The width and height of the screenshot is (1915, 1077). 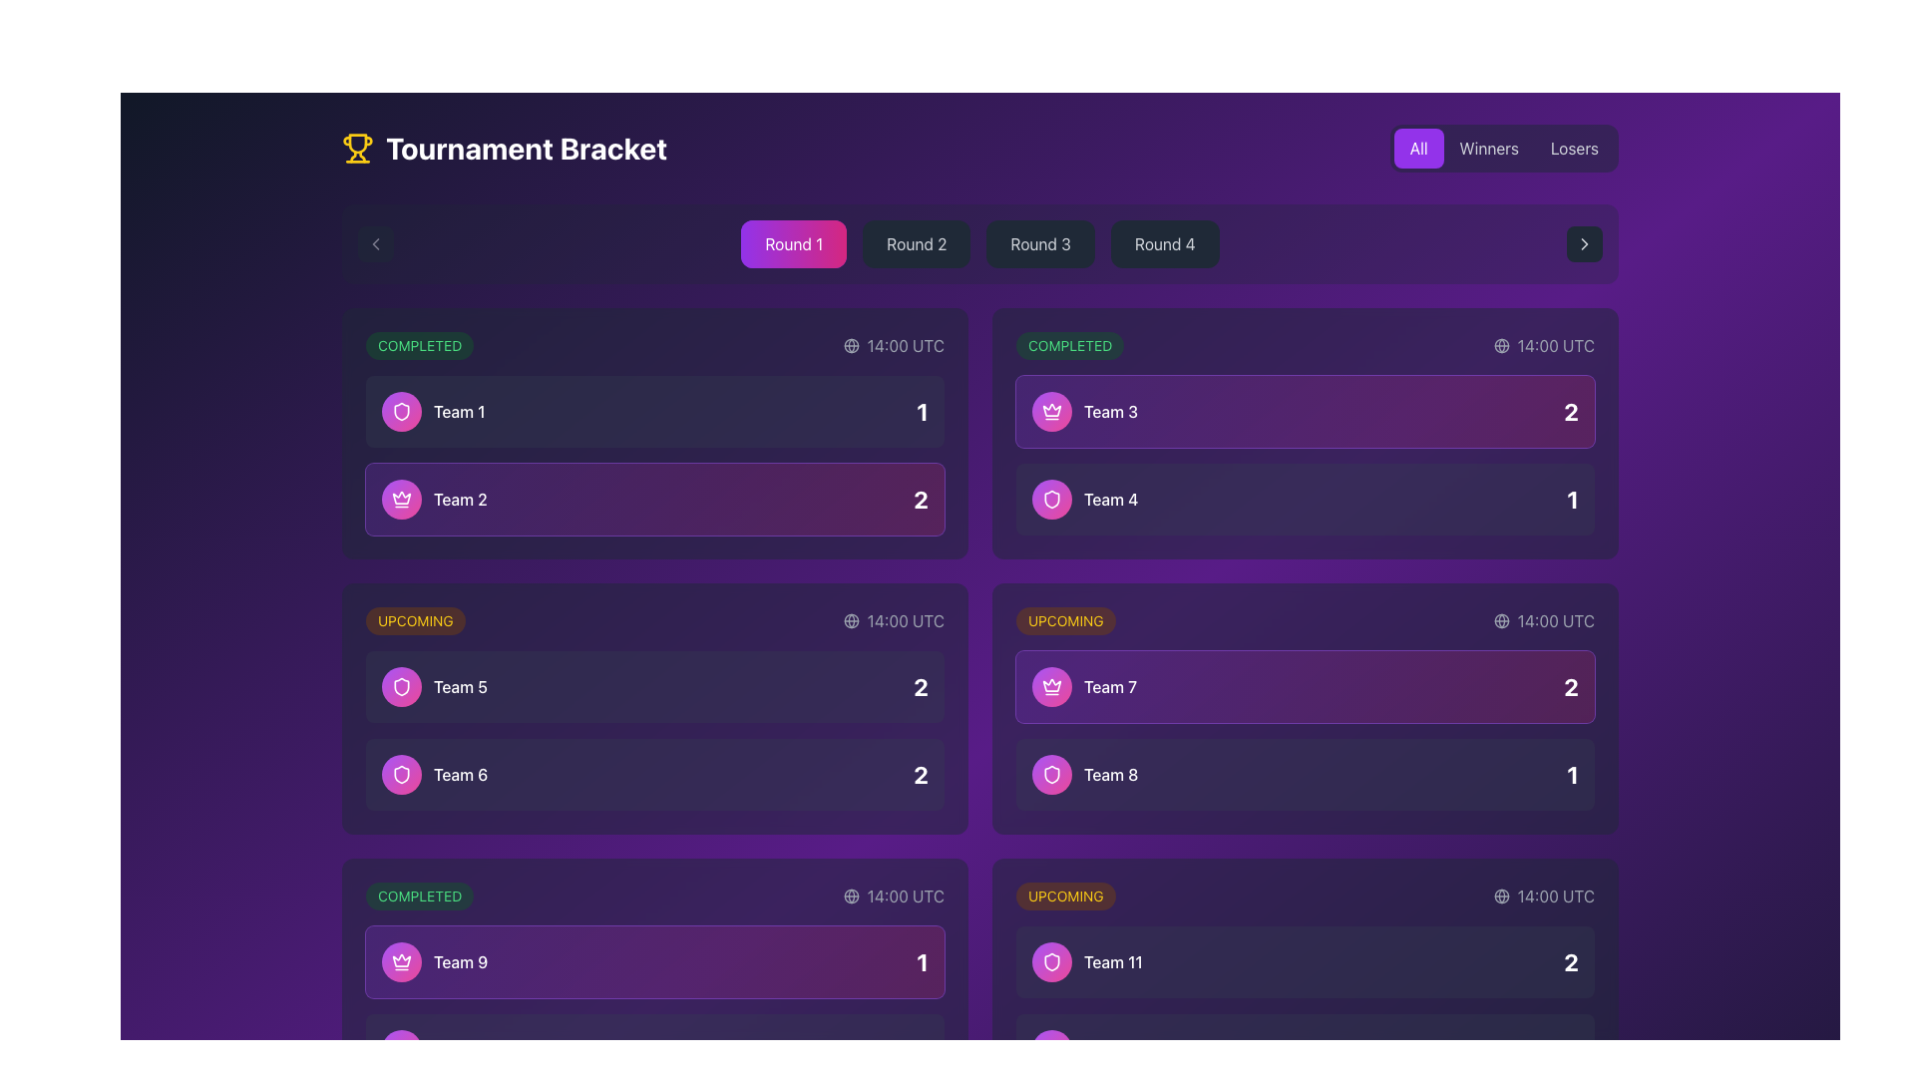 What do you see at coordinates (1543, 620) in the screenshot?
I see `content displayed in the label with an icon that shows the time zone-converted event start time, located in the lower-mid right section of the UI, in the second column's fourth row, following the 'UPCOMING' label` at bounding box center [1543, 620].